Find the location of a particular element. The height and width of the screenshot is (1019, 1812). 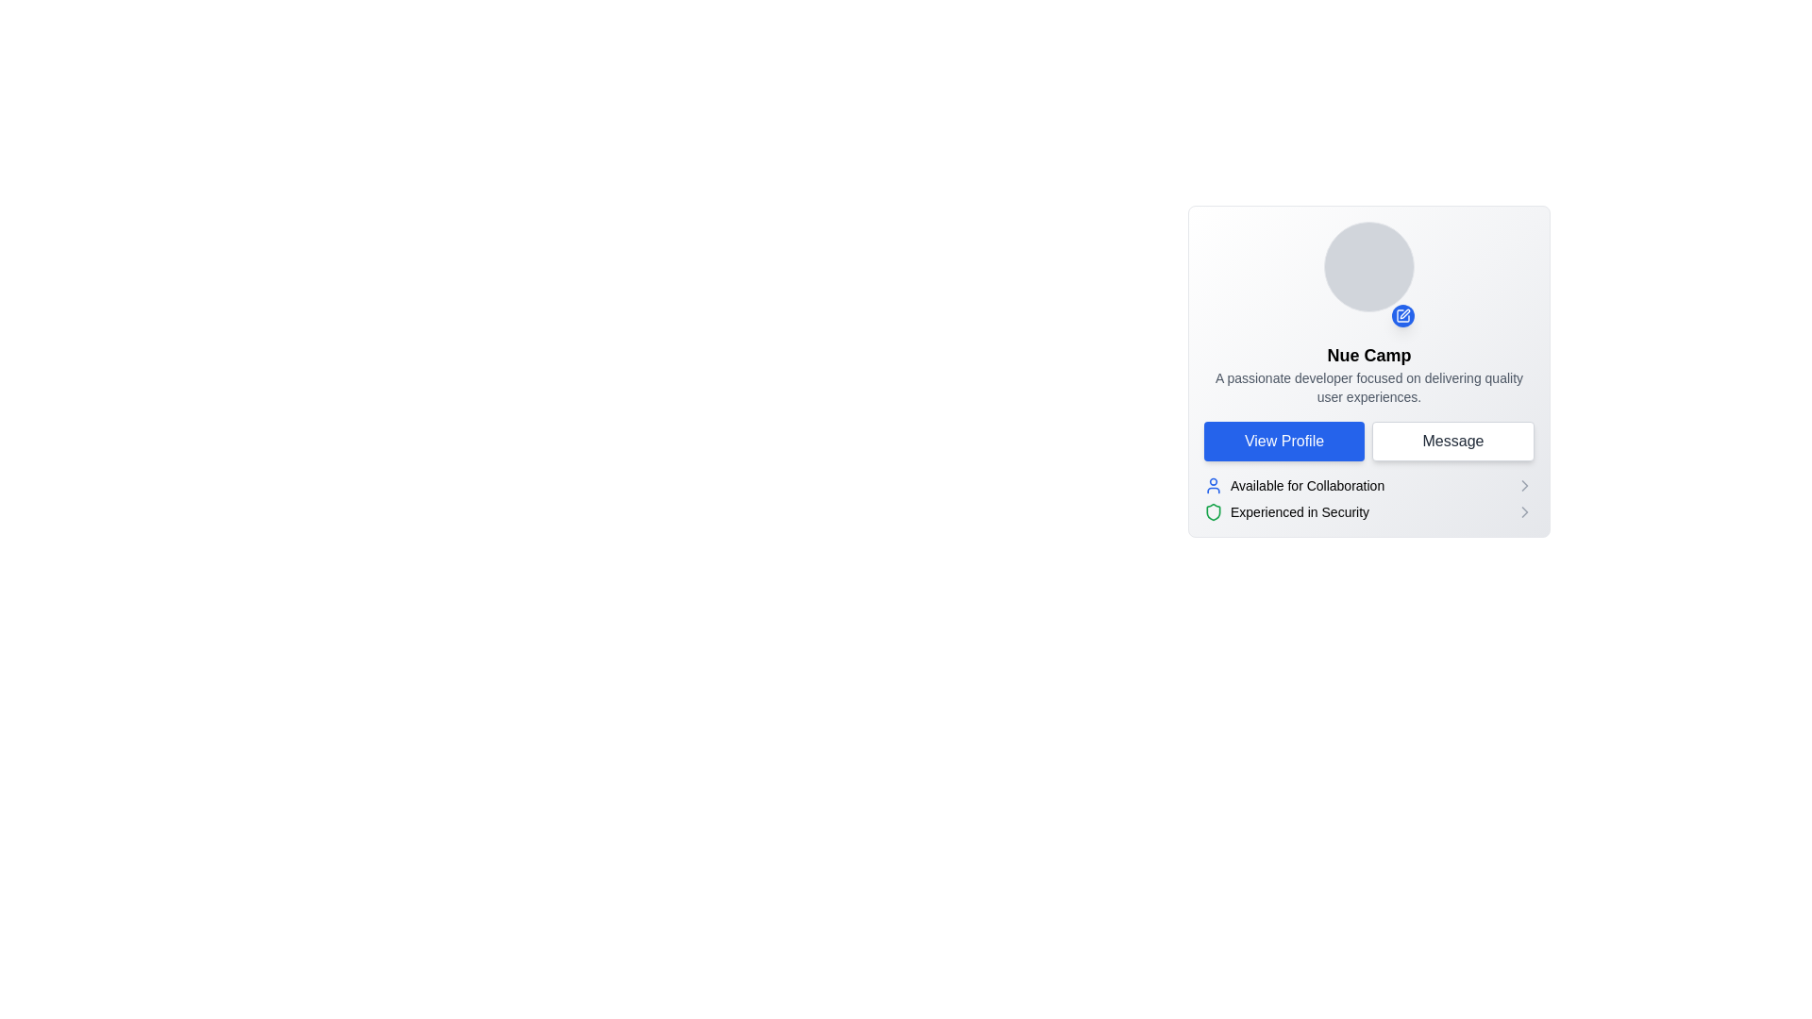

the label that conveys a specific piece of information or attribute related to a skill or expertise, located to the right of a green shield icon is located at coordinates (1299, 512).